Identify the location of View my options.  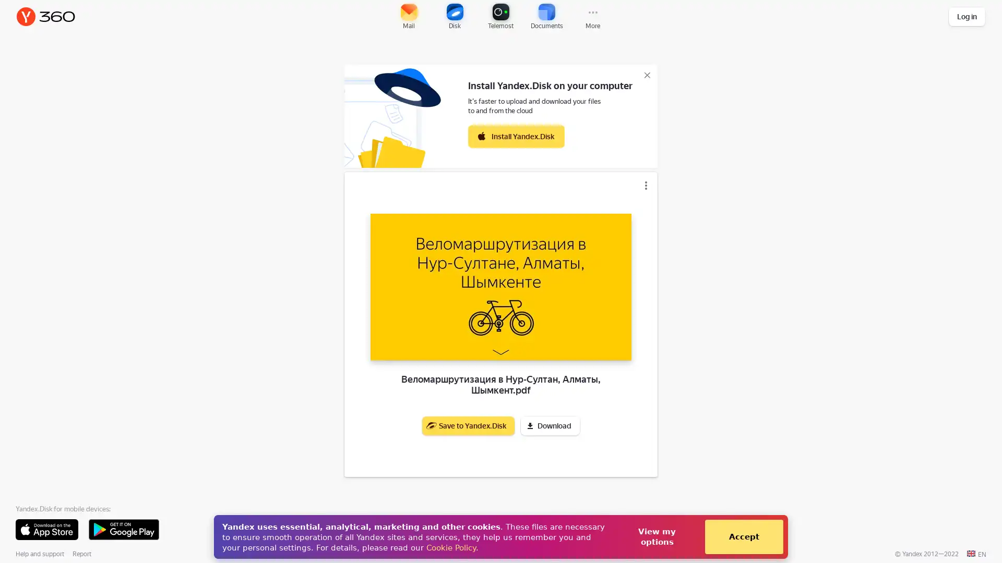
(656, 536).